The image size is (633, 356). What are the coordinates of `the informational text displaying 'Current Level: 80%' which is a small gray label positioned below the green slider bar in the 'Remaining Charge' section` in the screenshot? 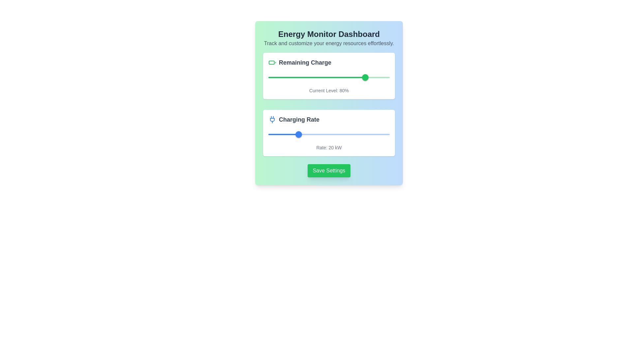 It's located at (329, 90).